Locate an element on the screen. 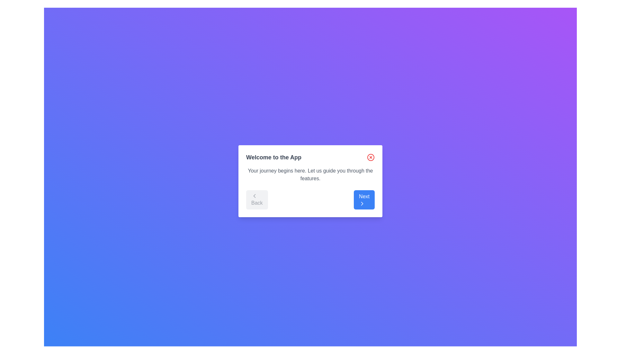 This screenshot has height=347, width=617. the text block displaying 'Your journey begins here. Let us guide you through the features.' which is styled in muted gray color and located in the middle of the dialogue box is located at coordinates (310, 174).